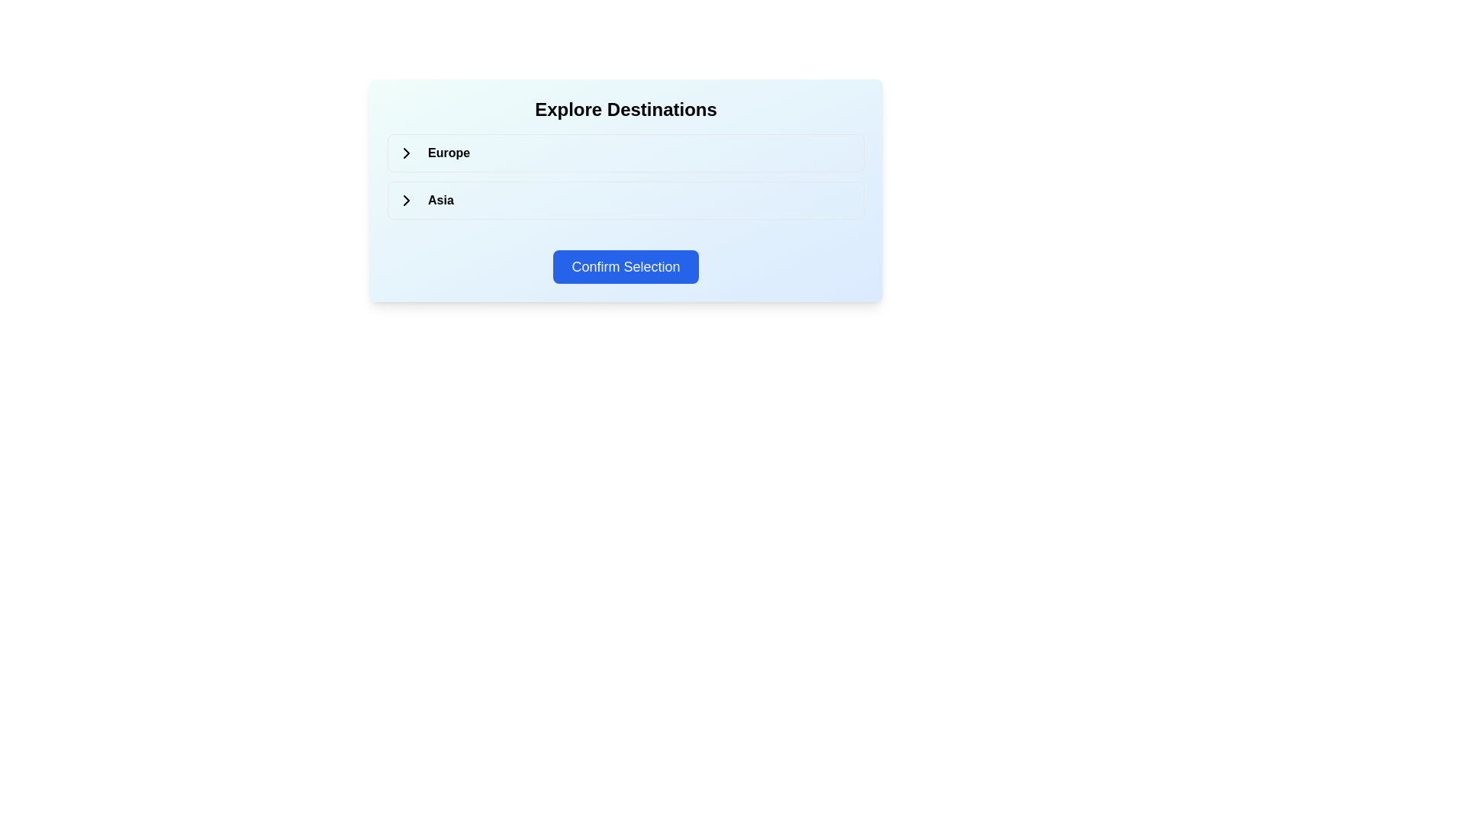 The image size is (1465, 824). Describe the element at coordinates (406, 153) in the screenshot. I see `the navigation icon located in the first row of the 'Explore Destinations' list, to the left of the text 'Europe'` at that location.